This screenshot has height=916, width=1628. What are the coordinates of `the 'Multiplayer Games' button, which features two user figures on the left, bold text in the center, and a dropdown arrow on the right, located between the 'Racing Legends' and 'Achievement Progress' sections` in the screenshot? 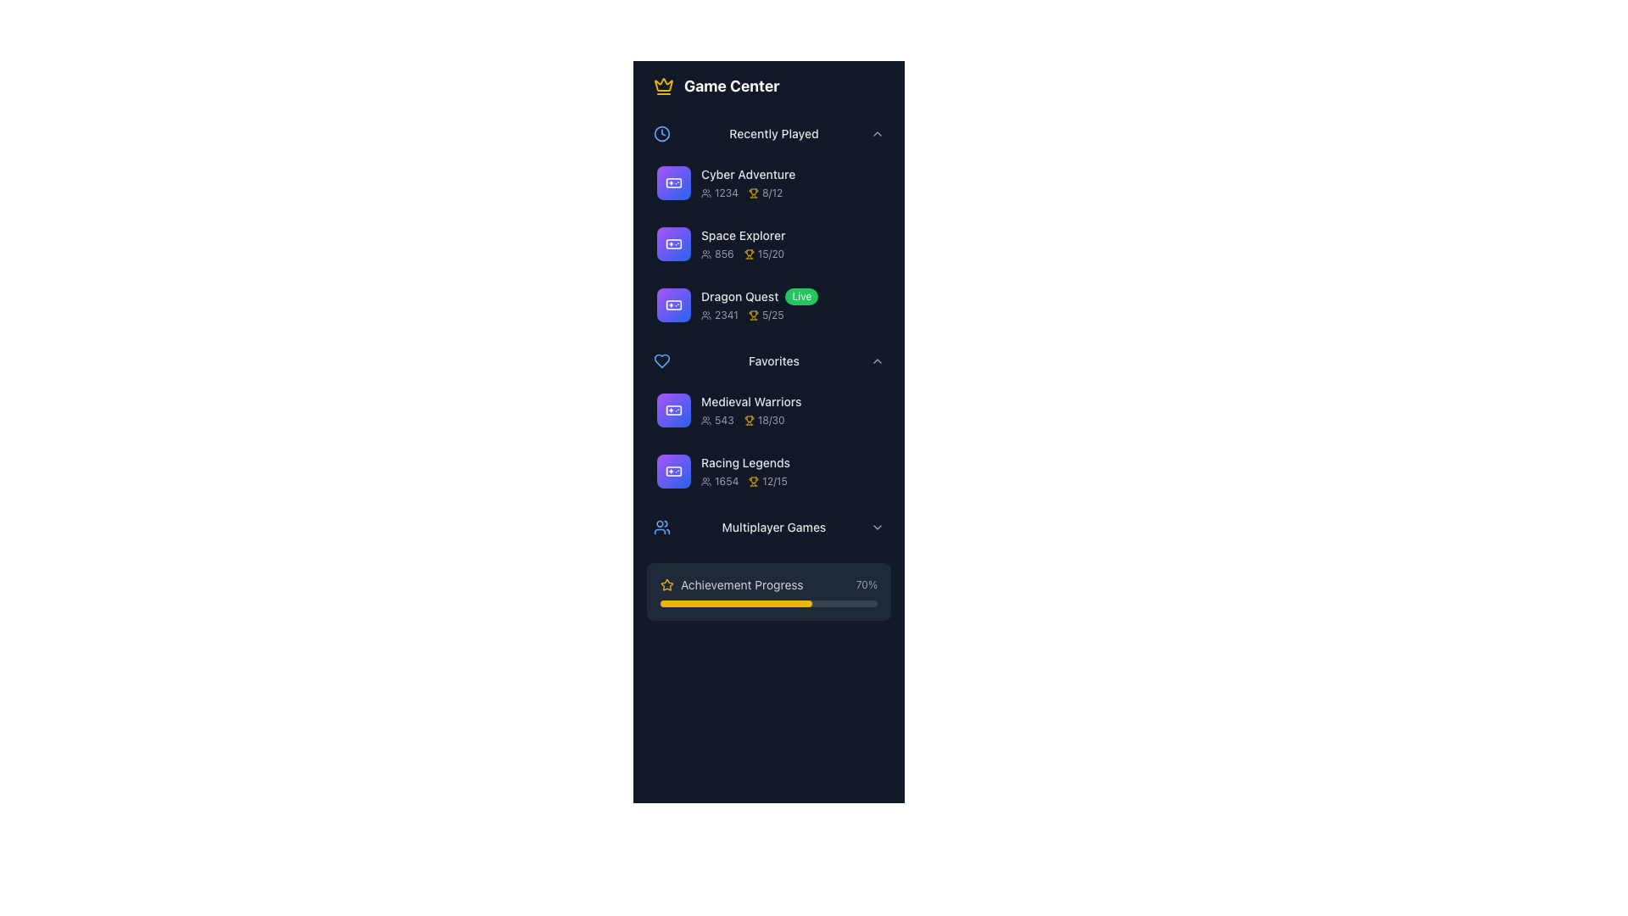 It's located at (768, 526).